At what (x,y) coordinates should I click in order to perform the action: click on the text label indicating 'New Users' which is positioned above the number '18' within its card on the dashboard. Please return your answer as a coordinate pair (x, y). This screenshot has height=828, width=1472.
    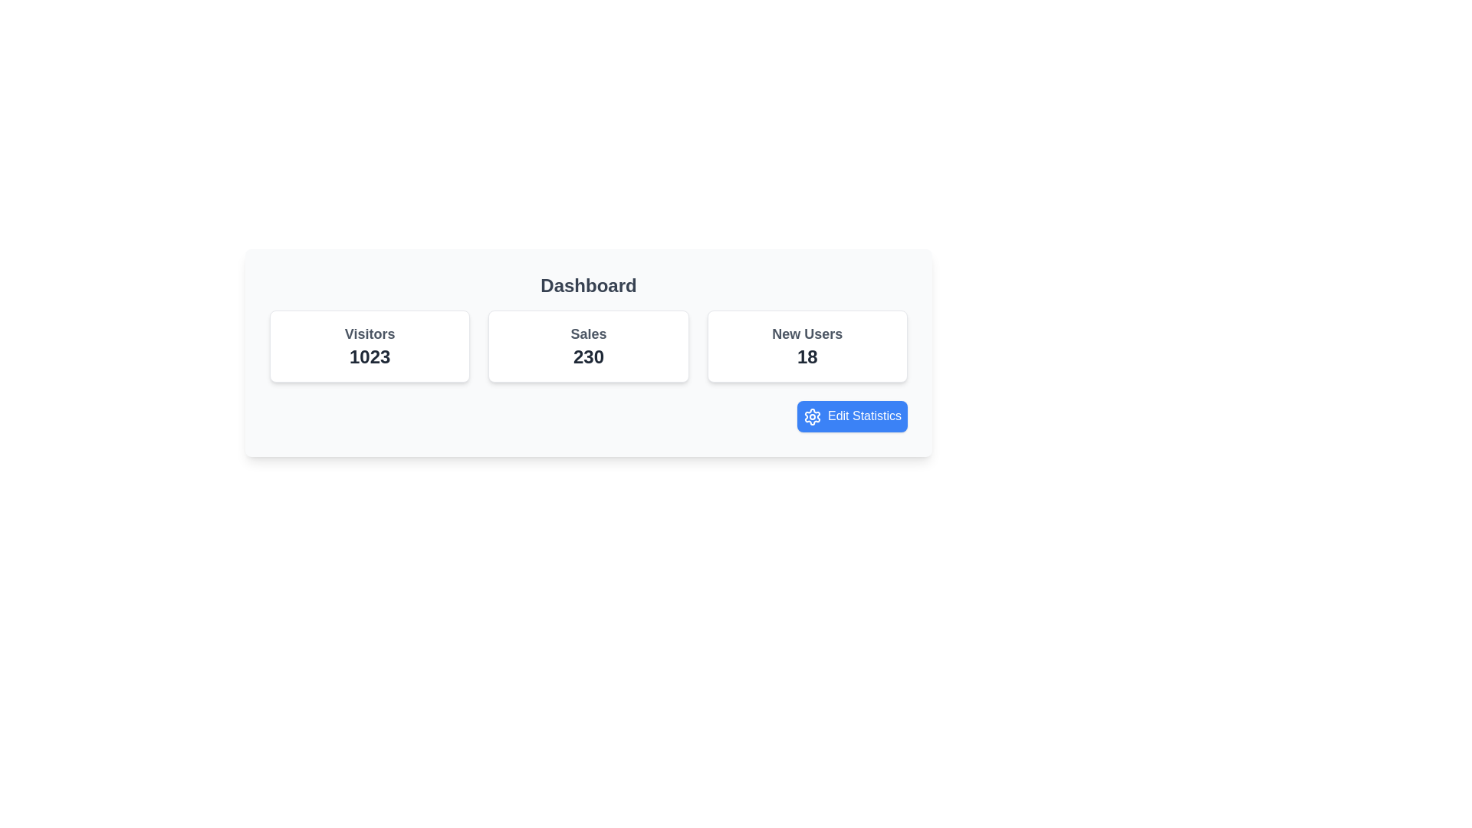
    Looking at the image, I should click on (807, 333).